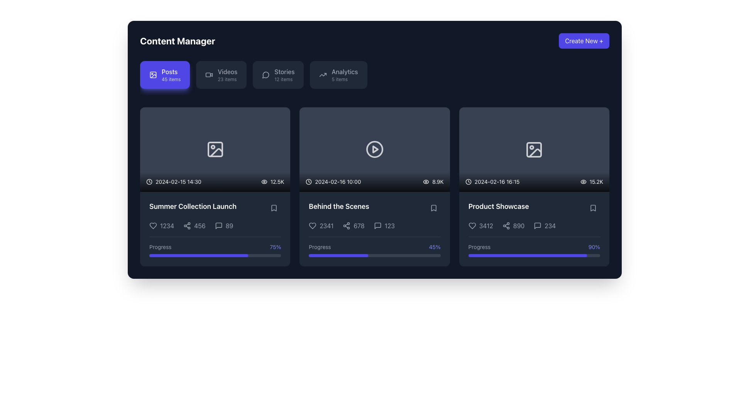 The height and width of the screenshot is (417, 741). I want to click on the text label displaying 'Summer Collection Launch', which is bold and large-sized, located beneath an image placeholder in the first card of a horizontally aligned card list, so click(193, 206).